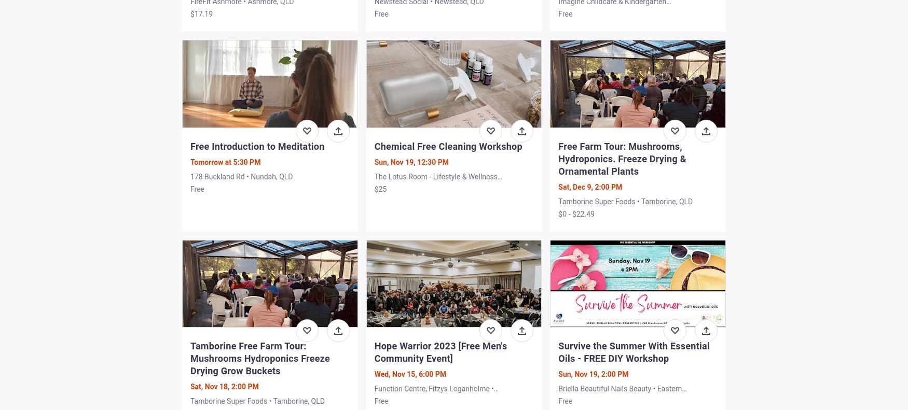 This screenshot has width=908, height=410. Describe the element at coordinates (241, 176) in the screenshot. I see `'178 Buckland Rd • Nundah, QLD'` at that location.